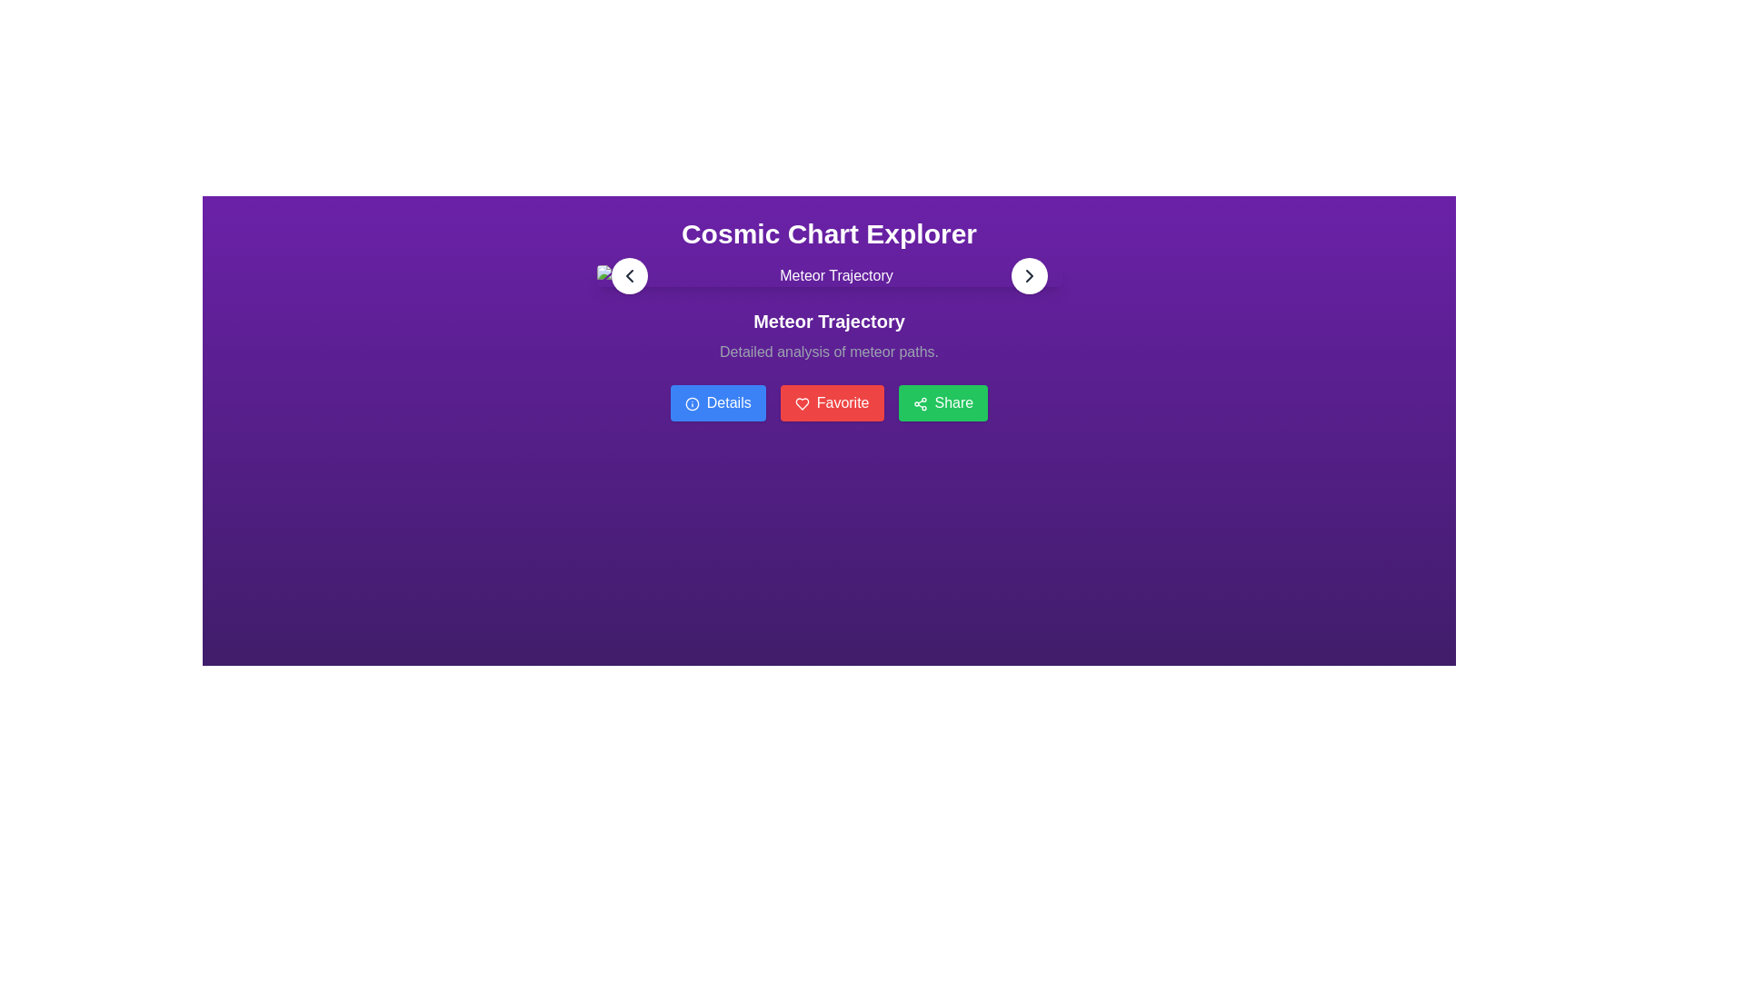 The width and height of the screenshot is (1745, 981). I want to click on the navigational button located to the left of the 'Cosmic Chart Explorer' title, so click(629, 276).